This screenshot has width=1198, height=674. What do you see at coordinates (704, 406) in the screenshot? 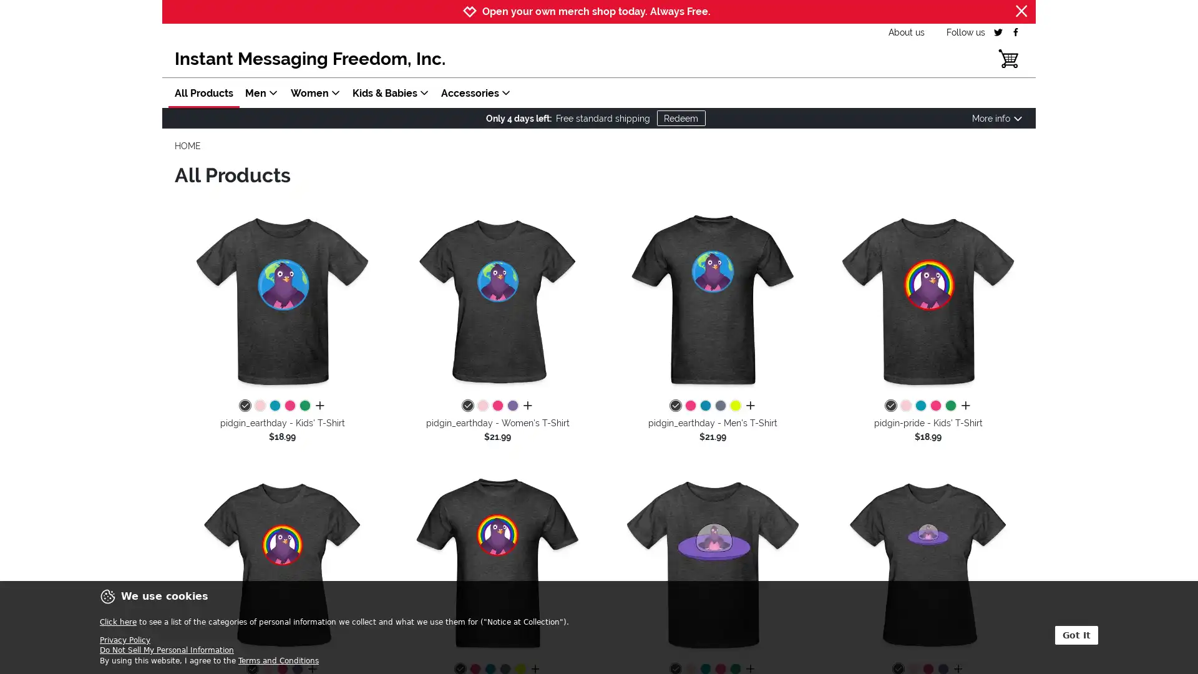
I see `turquoise` at bounding box center [704, 406].